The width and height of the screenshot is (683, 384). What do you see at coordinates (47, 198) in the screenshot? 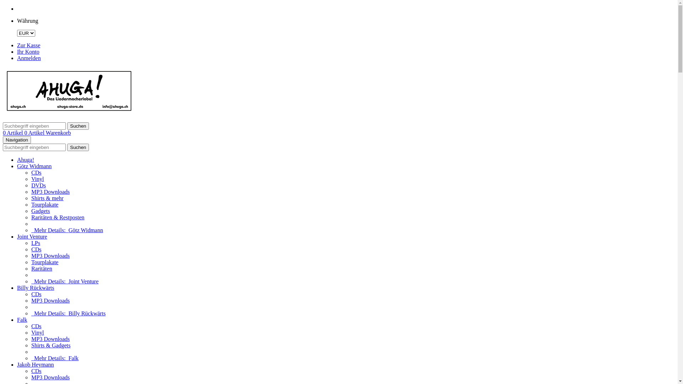
I see `'Shirts & mehr'` at bounding box center [47, 198].